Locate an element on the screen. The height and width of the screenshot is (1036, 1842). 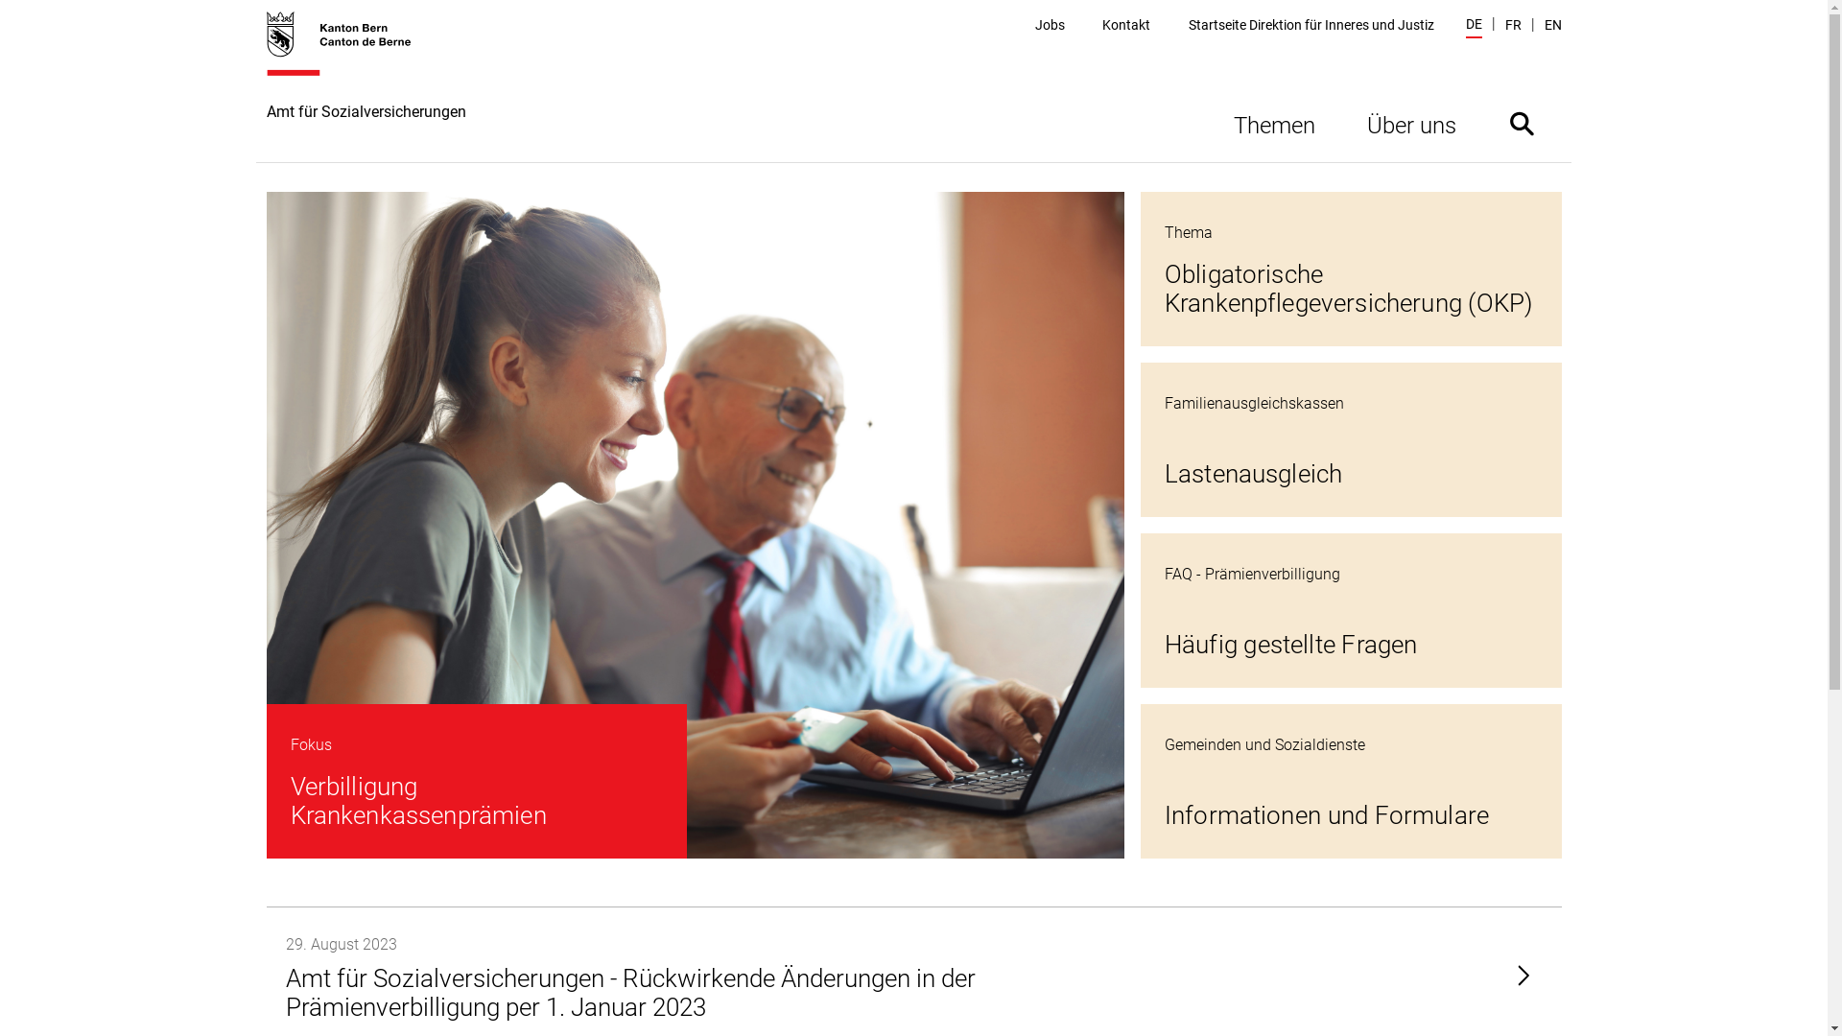
'Themen' is located at coordinates (1273, 123).